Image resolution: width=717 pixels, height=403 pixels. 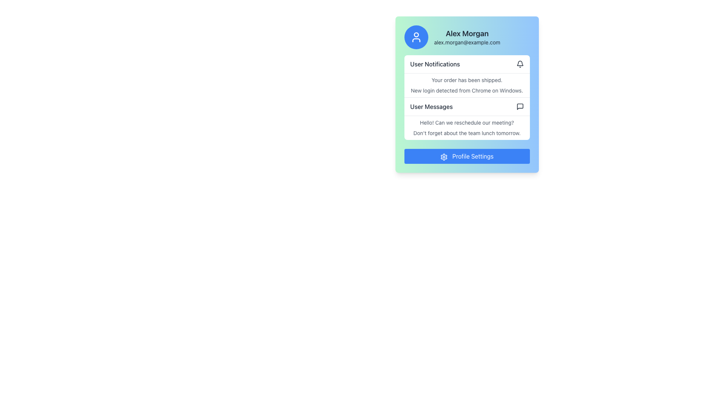 What do you see at coordinates (431, 106) in the screenshot?
I see `the third text item in the menu-like list below 'User Notifications' that serves as a navigational label for managing messages` at bounding box center [431, 106].